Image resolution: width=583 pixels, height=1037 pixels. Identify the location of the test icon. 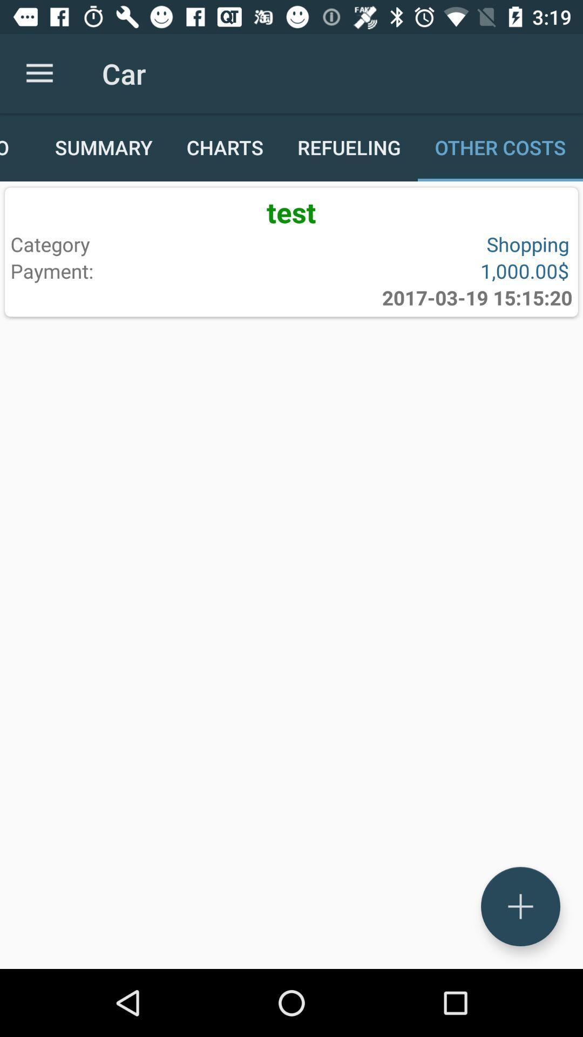
(291, 212).